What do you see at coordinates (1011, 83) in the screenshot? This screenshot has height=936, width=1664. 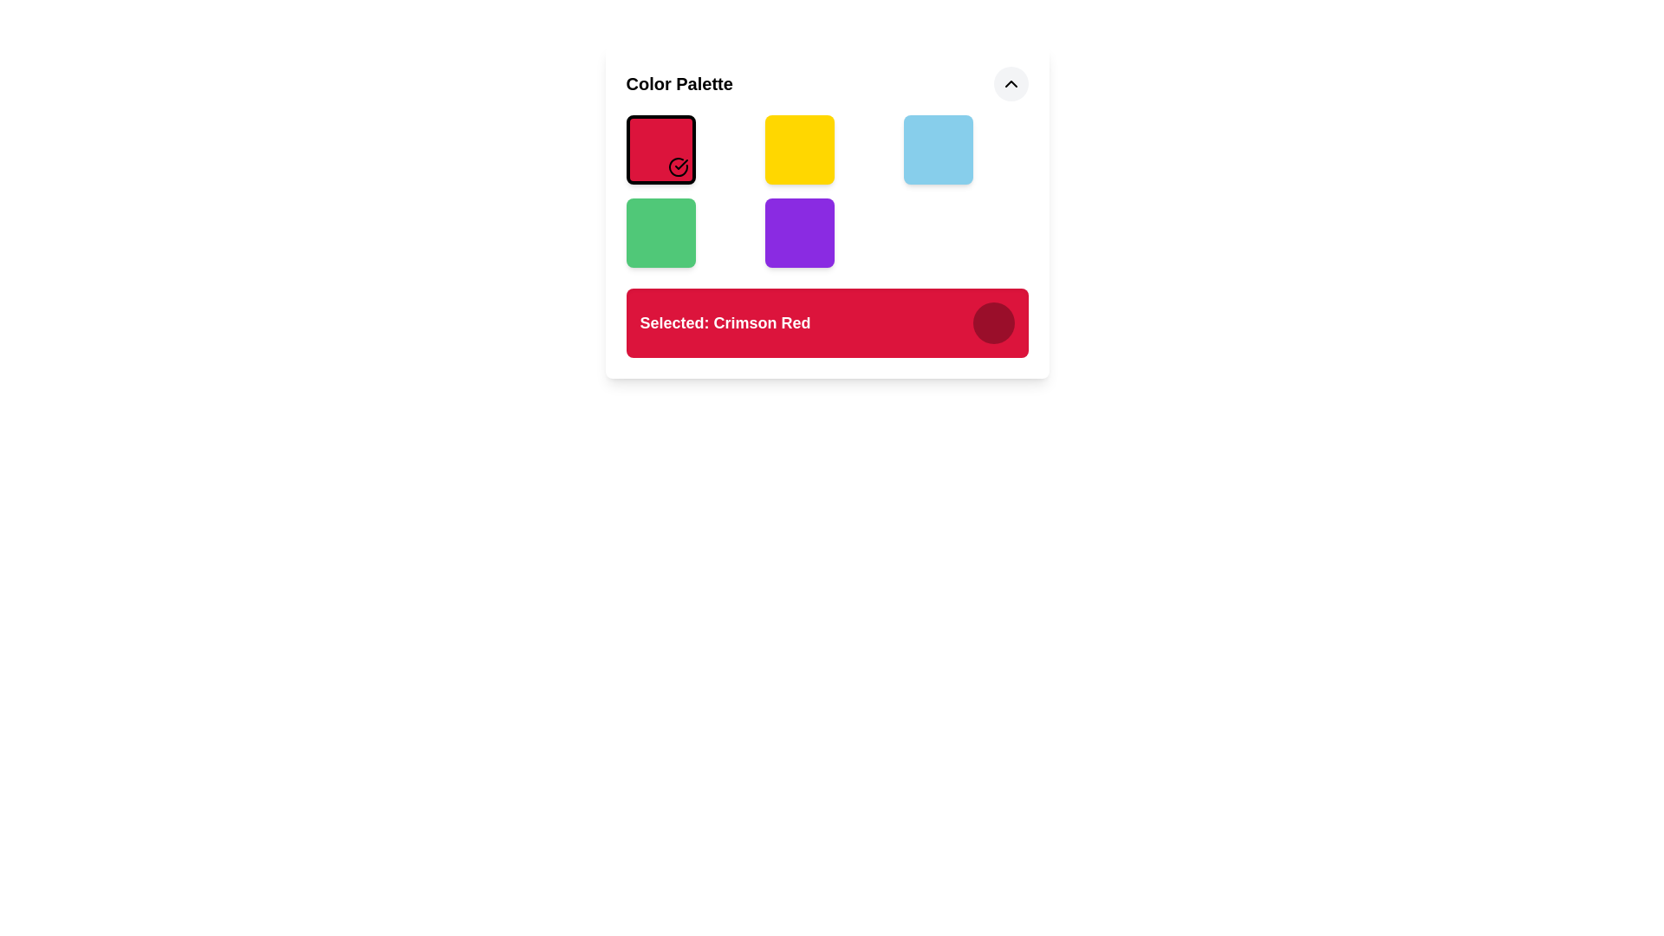 I see `the button located at the top-right corner of the 'Color Palette' section` at bounding box center [1011, 83].